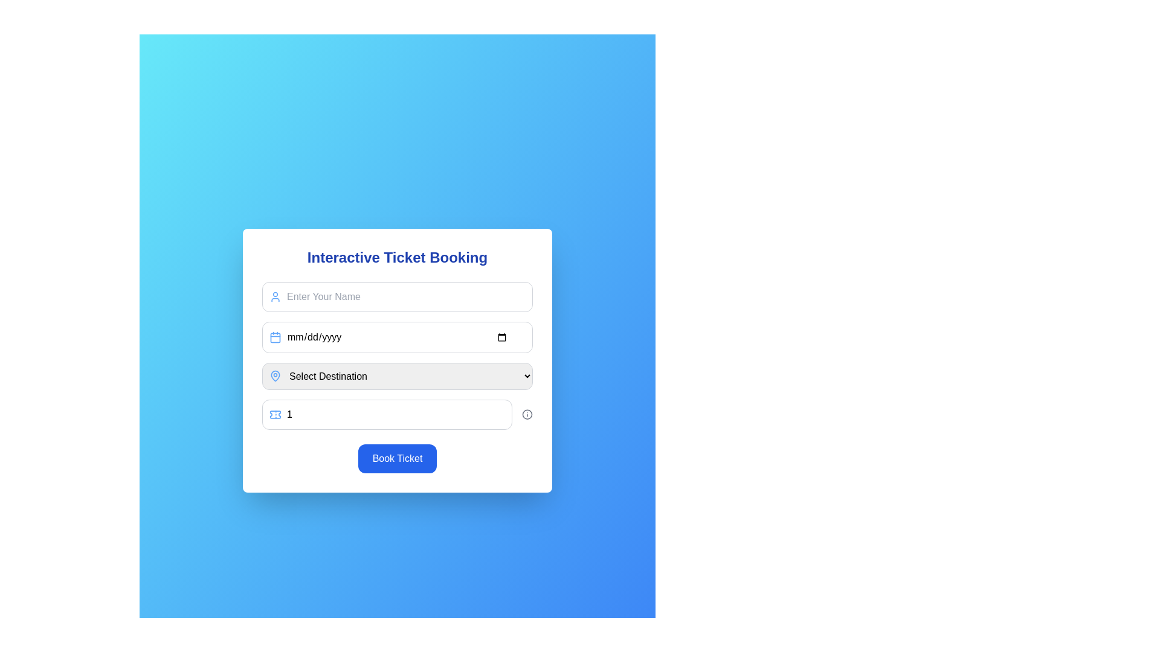  What do you see at coordinates (397, 360) in the screenshot?
I see `the 'Select Destination' dropdown menu in the interactive ticket booking form` at bounding box center [397, 360].